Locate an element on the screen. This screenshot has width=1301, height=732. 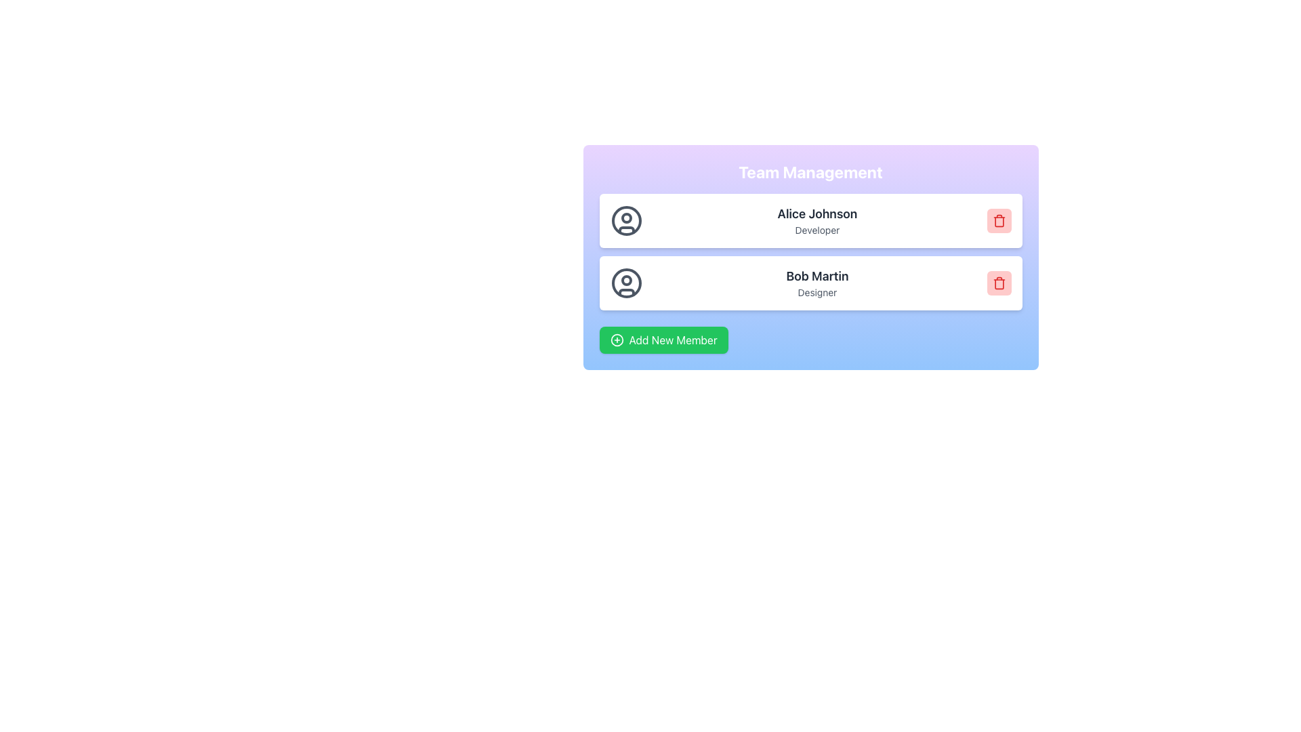
the decorative graphical element of the user profile icon representing Bob Martin, located on the left side of the second row in the team management card is located at coordinates (625, 282).